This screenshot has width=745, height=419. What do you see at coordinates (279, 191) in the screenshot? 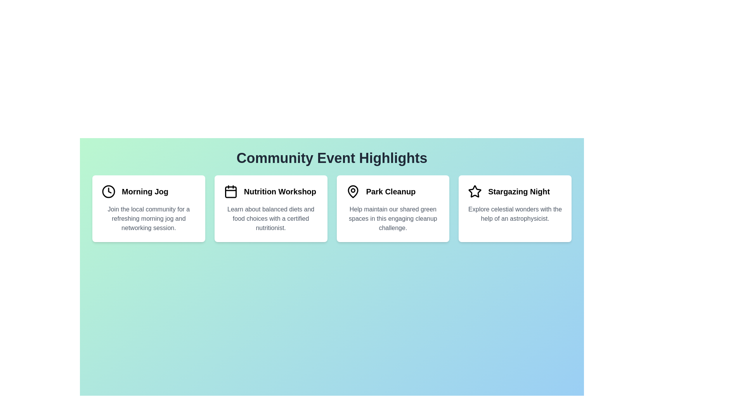
I see `text label 'Nutrition Workshop', which is styled in bold black font and serves as the title for the section, positioned in the second column of a 4-column layout` at bounding box center [279, 191].